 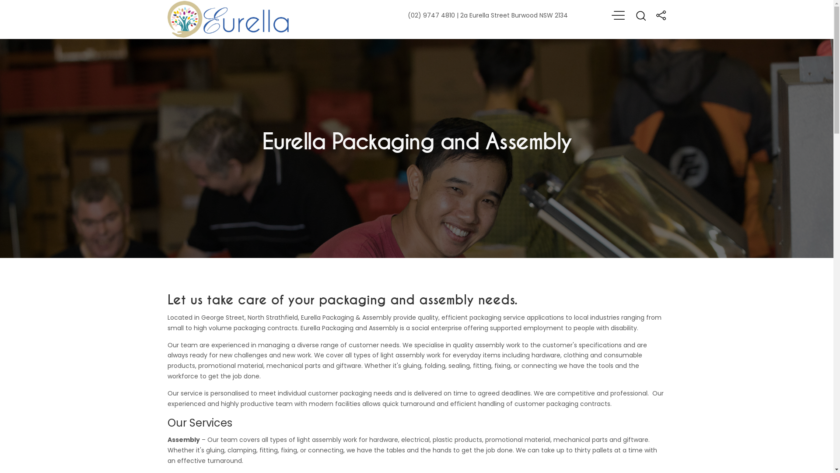 What do you see at coordinates (0, 0) in the screenshot?
I see `'Skip to main content'` at bounding box center [0, 0].